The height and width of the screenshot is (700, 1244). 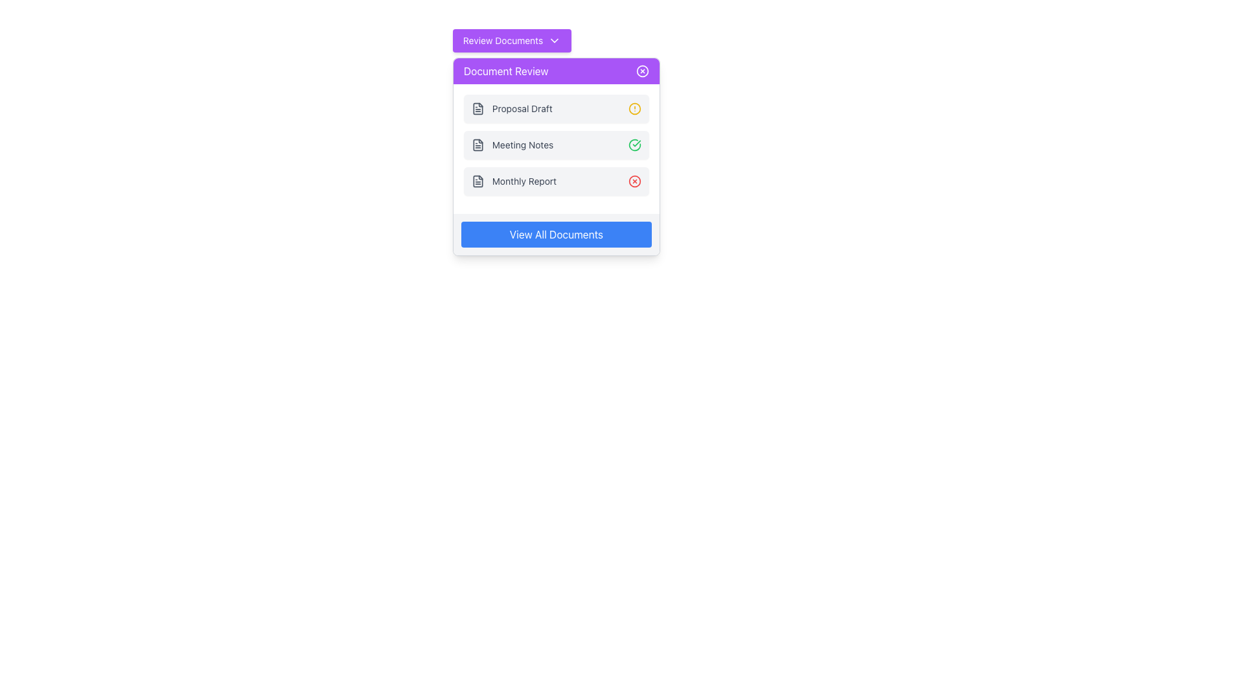 I want to click on the 'Meeting Notes' row in the 'Document Review' dialog, which is the second row in a card-like structure containing textual labels and icons, so click(x=556, y=148).